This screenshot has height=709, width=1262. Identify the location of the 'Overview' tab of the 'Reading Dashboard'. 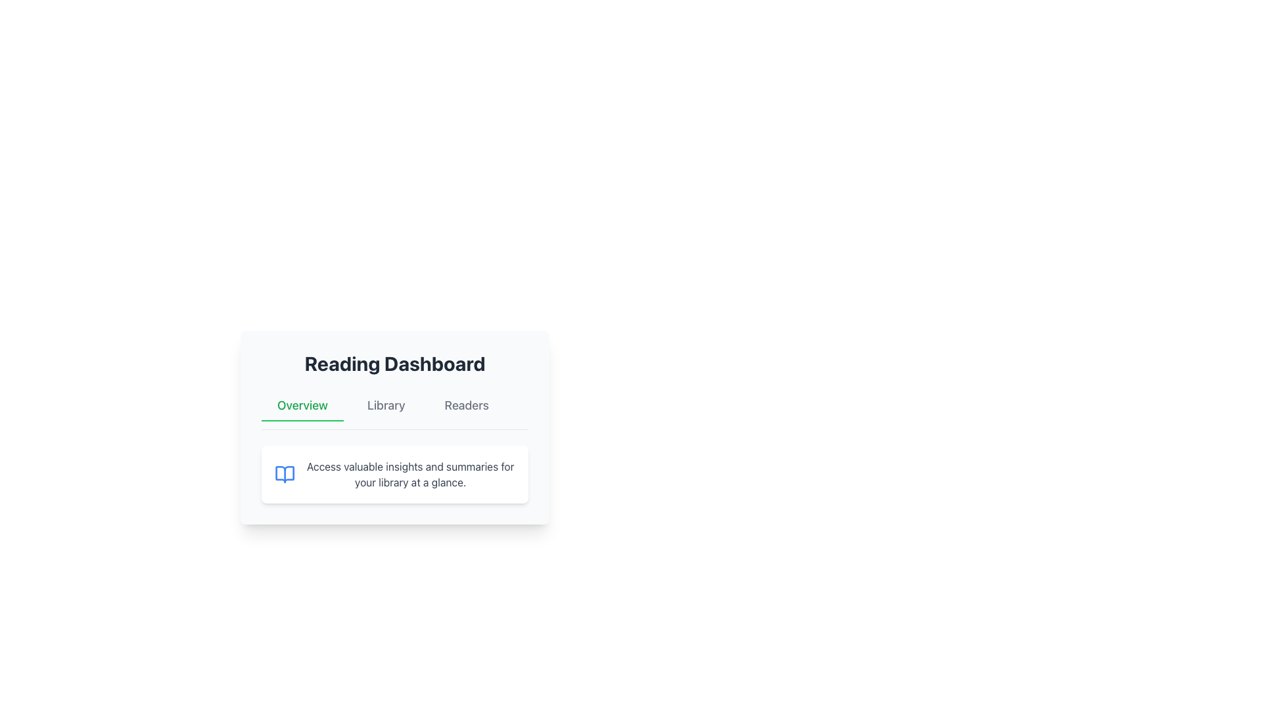
(394, 432).